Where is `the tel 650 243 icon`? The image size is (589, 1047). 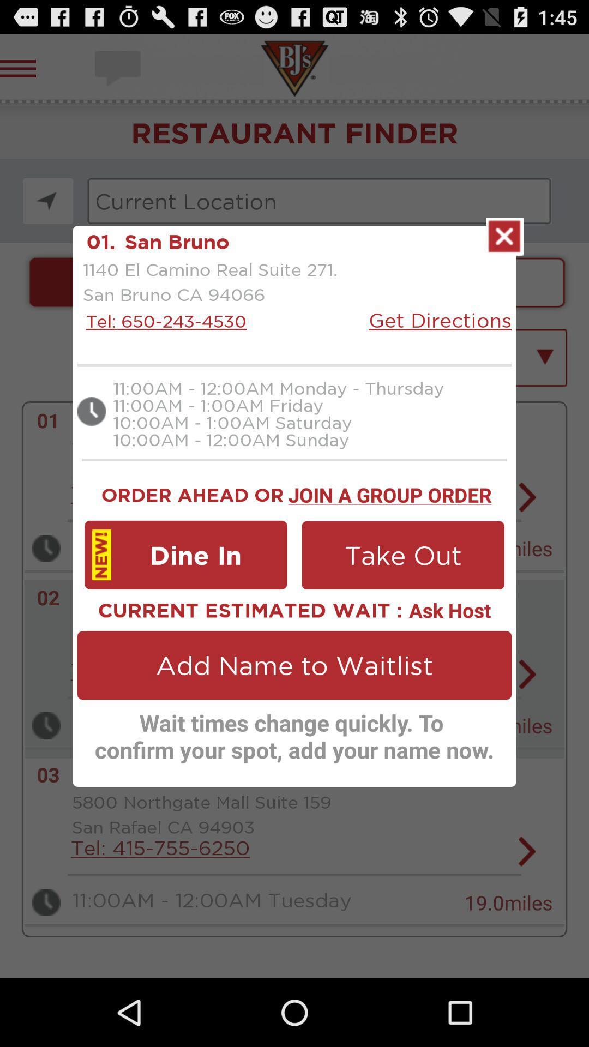
the tel 650 243 icon is located at coordinates (163, 321).